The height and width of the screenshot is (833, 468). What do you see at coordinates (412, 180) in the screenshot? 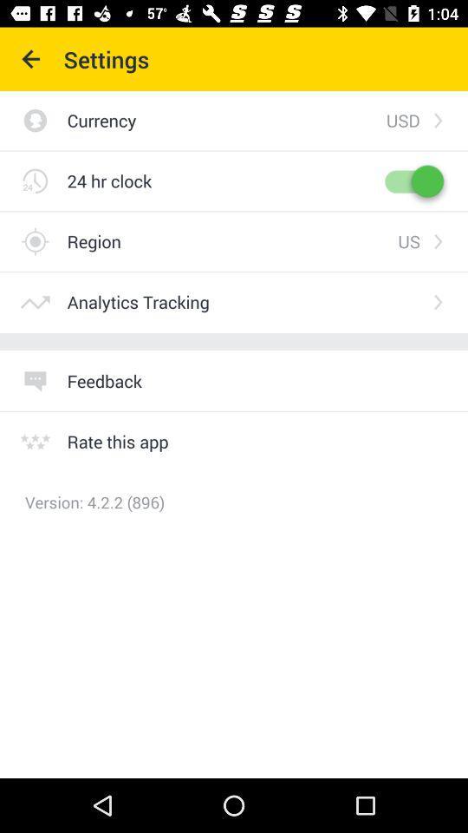
I see `item next to the 24 hr clock` at bounding box center [412, 180].